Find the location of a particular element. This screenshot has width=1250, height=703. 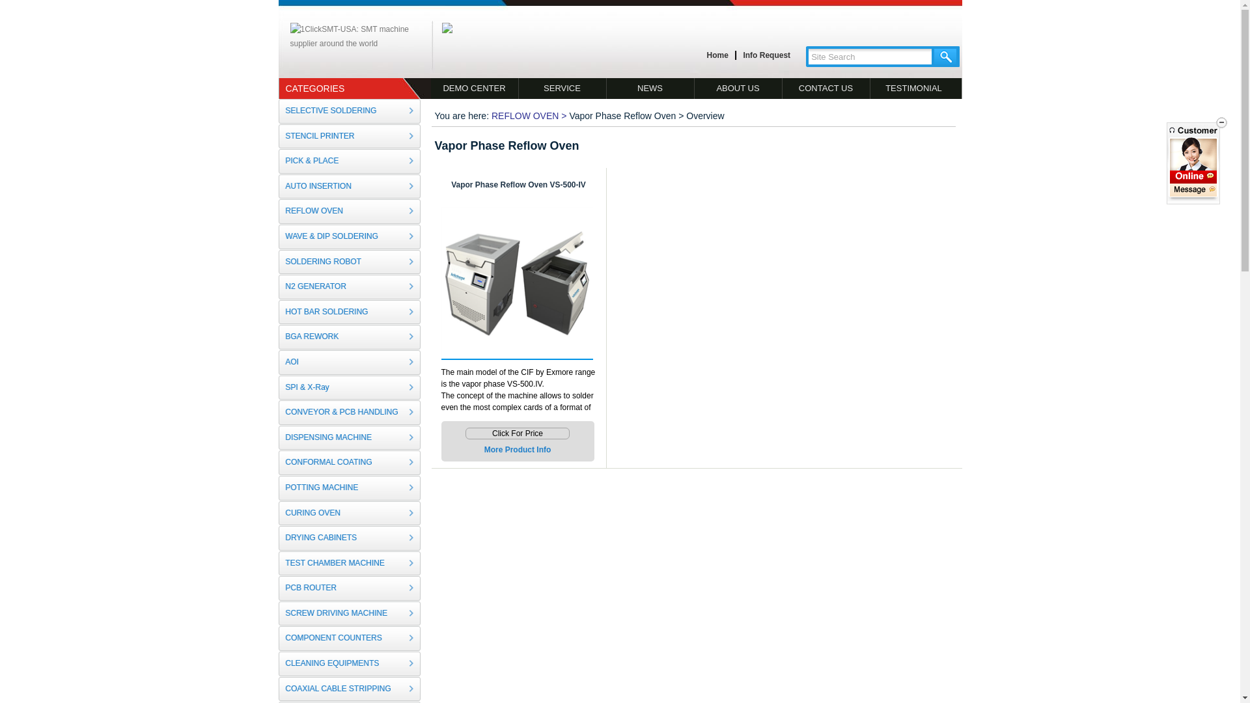

'TESTIMONIAL' is located at coordinates (912, 88).